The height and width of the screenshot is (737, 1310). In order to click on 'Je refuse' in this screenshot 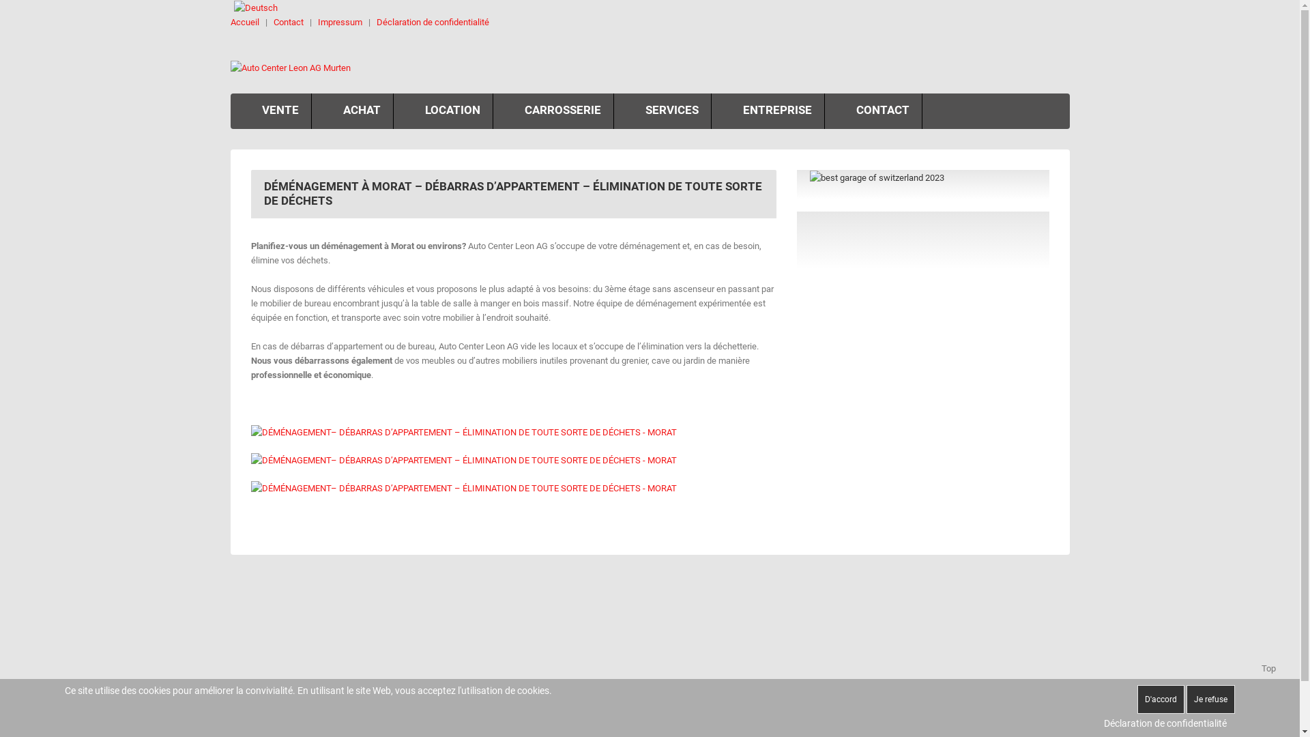, I will do `click(1210, 699)`.